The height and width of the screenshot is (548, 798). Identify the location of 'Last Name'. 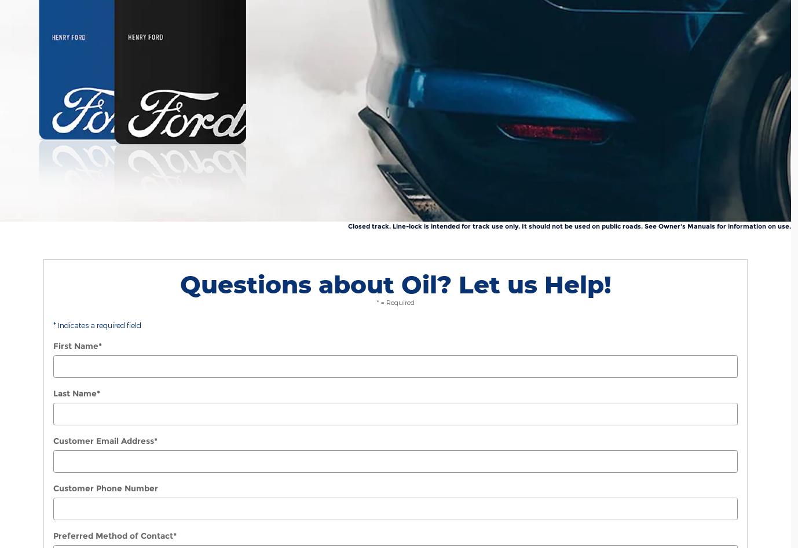
(75, 393).